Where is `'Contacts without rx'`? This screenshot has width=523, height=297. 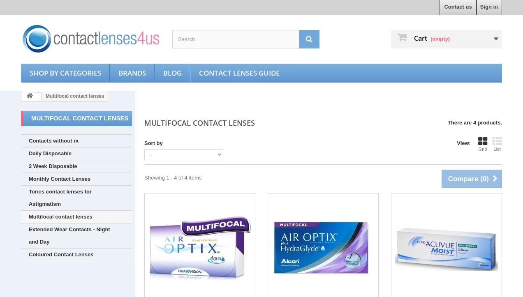 'Contacts without rx' is located at coordinates (53, 140).